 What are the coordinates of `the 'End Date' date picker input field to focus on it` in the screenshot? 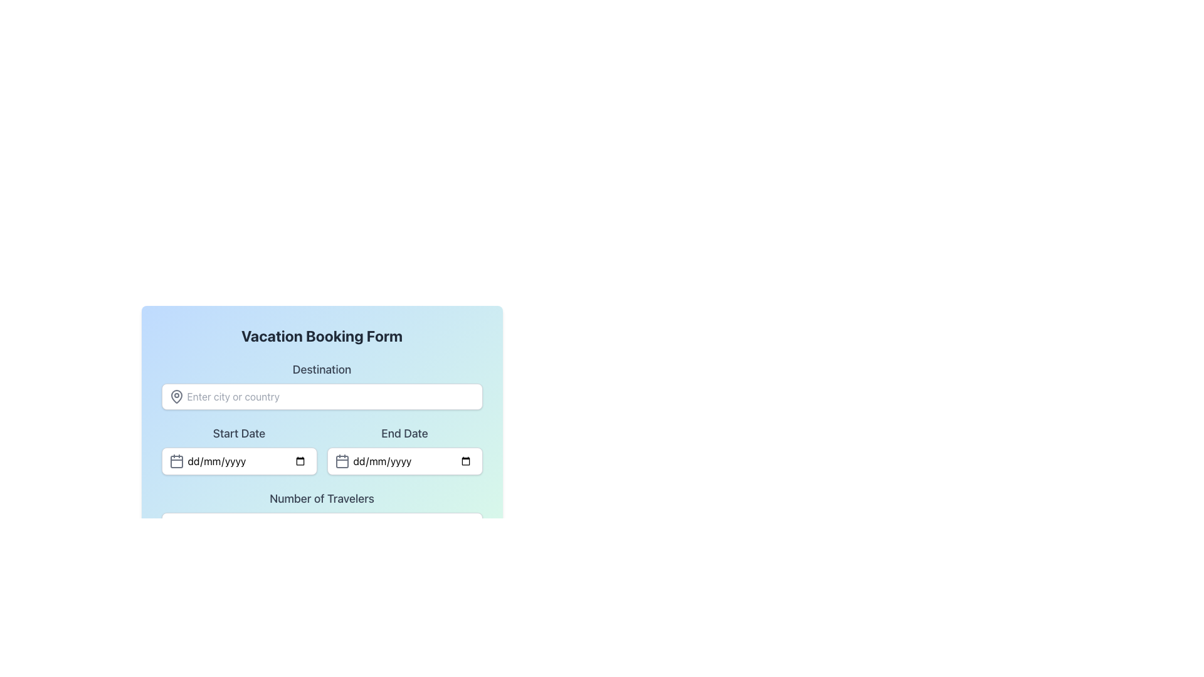 It's located at (404, 449).